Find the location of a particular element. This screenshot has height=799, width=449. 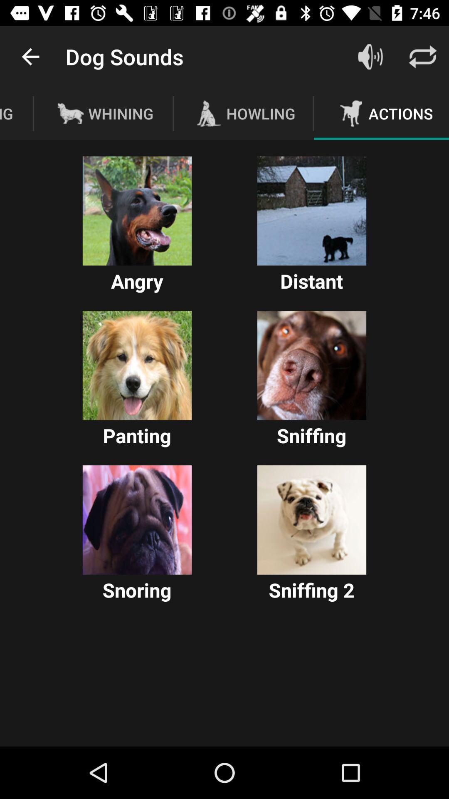

choose option is located at coordinates (137, 211).